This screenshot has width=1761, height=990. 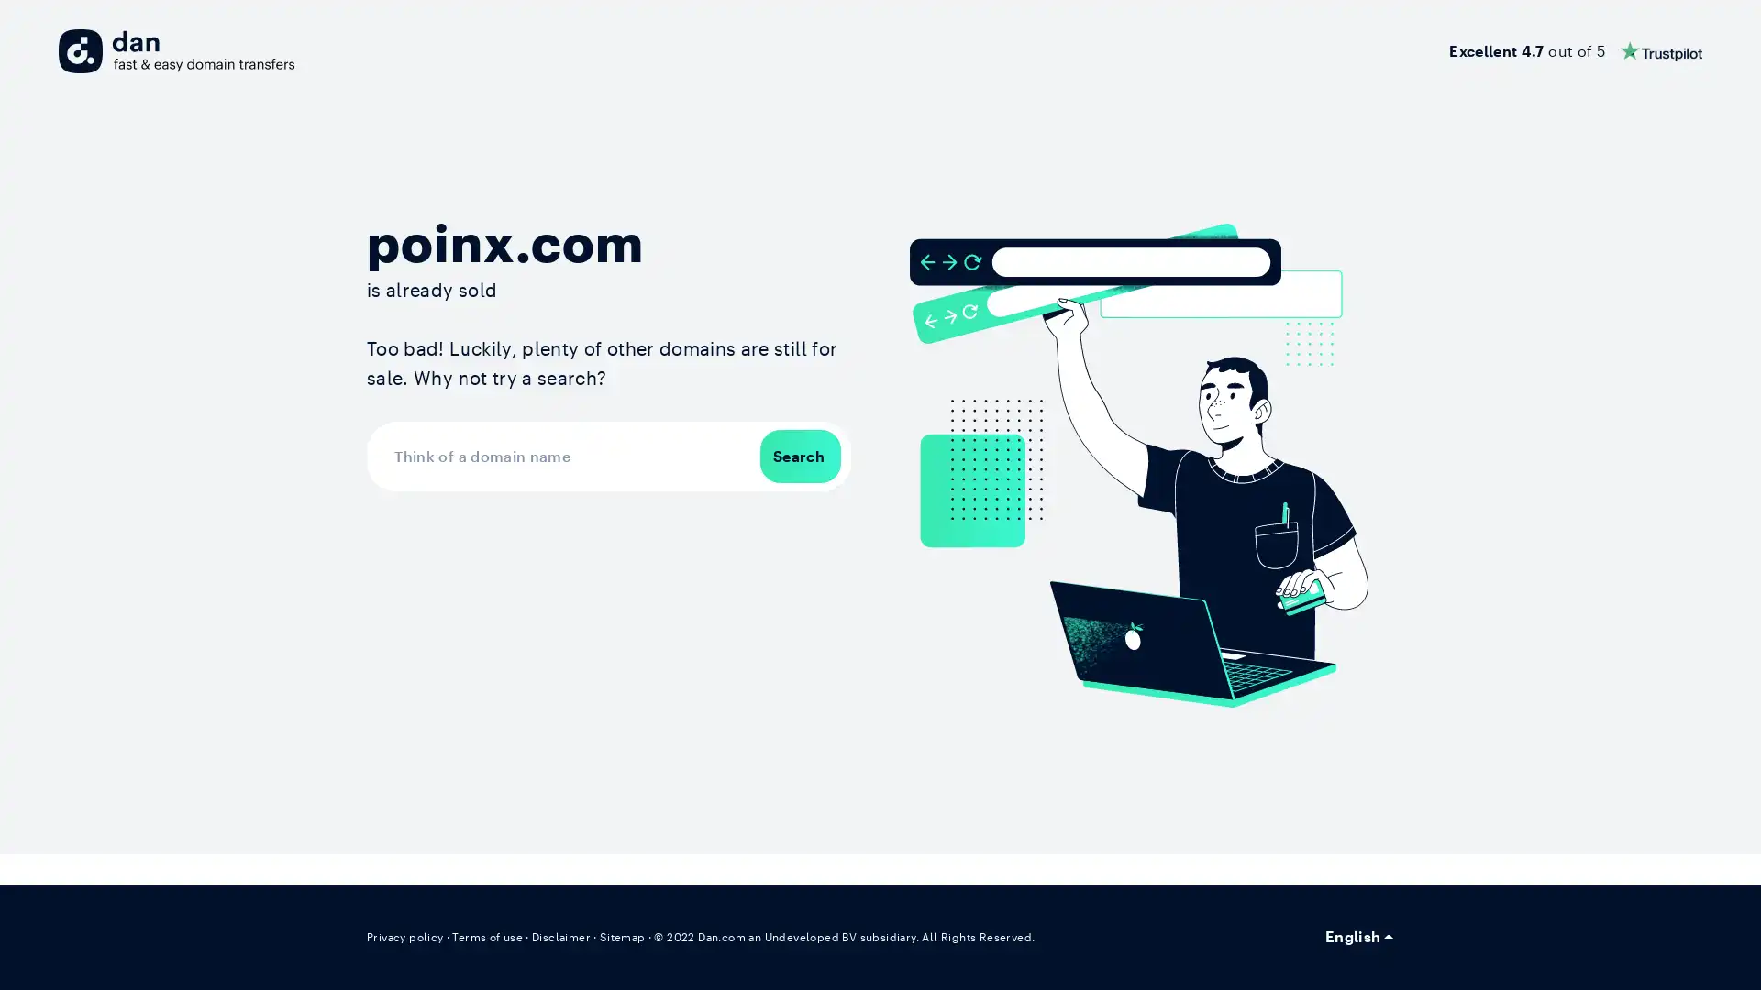 I want to click on Search, so click(x=800, y=455).